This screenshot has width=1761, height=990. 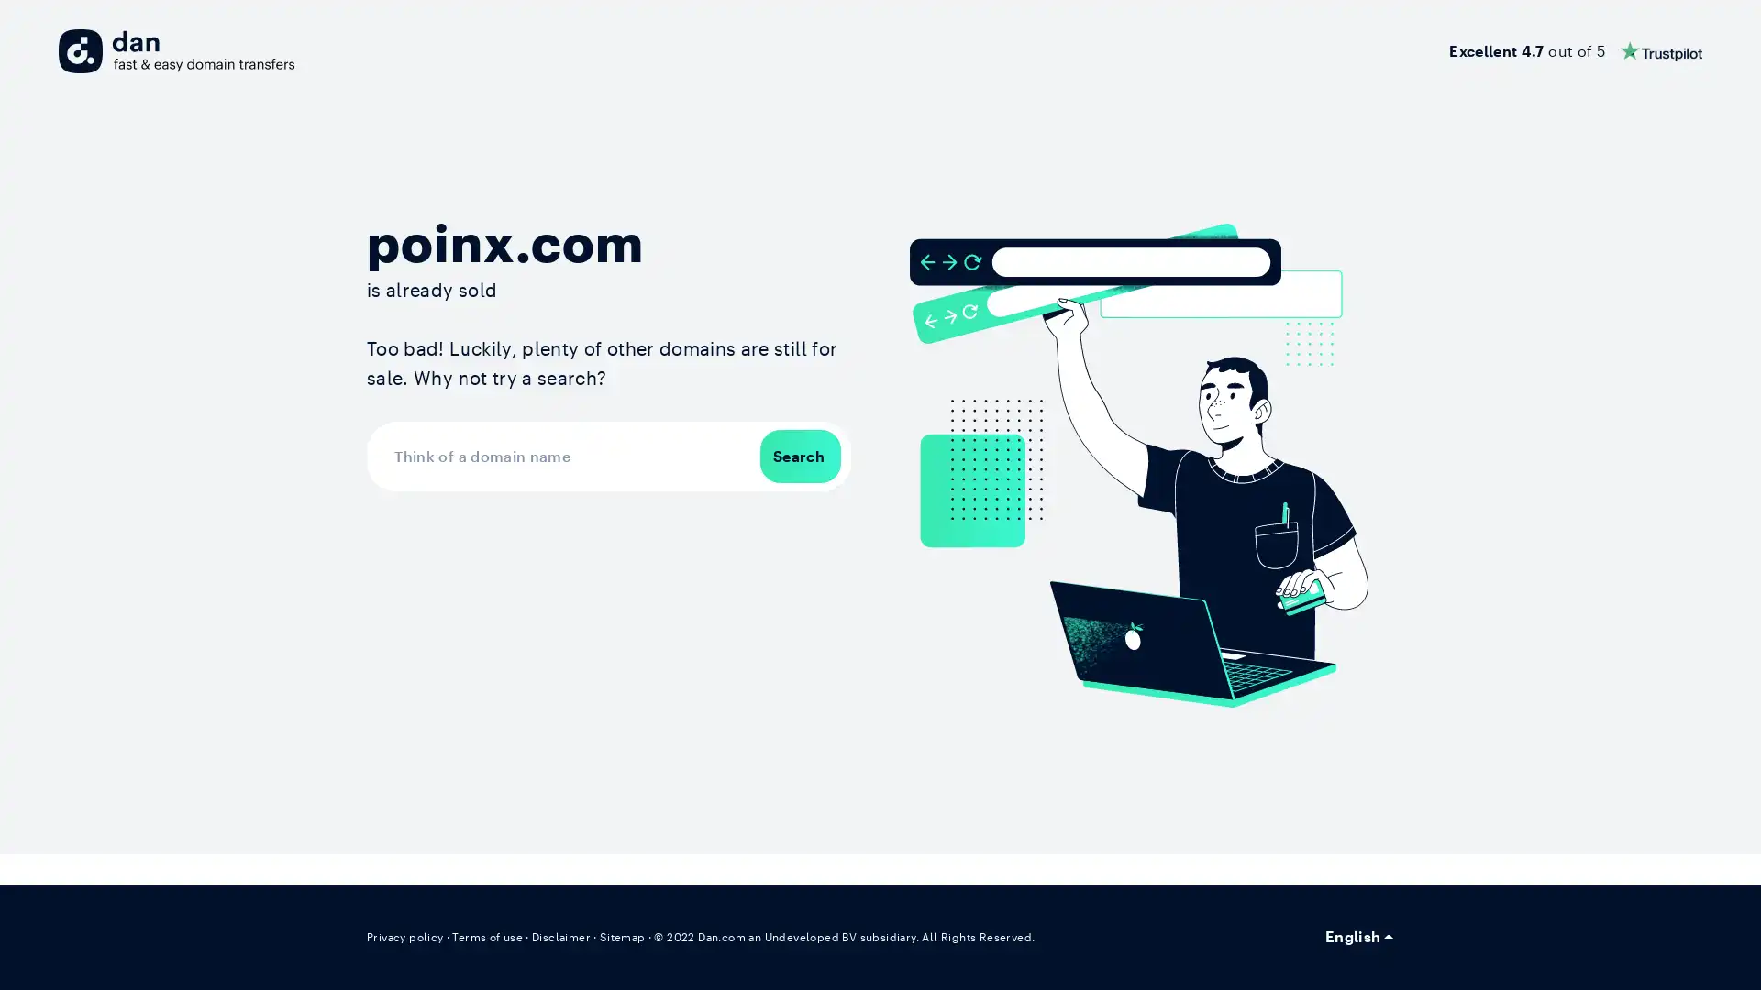 I want to click on Search, so click(x=800, y=455).